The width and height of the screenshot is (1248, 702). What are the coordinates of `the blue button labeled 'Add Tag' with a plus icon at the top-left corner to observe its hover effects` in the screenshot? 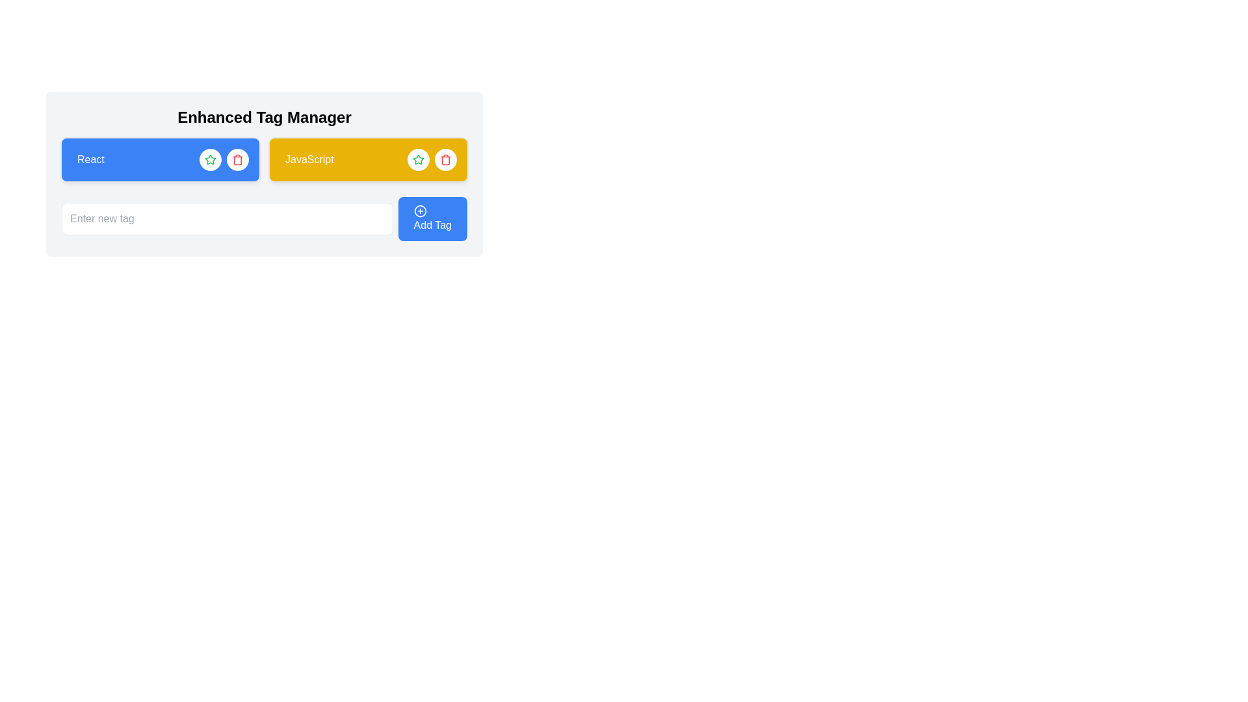 It's located at (432, 218).